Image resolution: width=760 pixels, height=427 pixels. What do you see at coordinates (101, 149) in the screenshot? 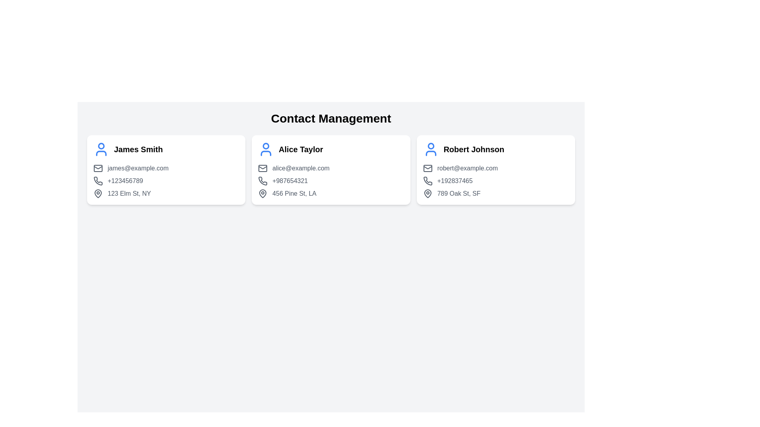
I see `the user icon shaped element with a blue color, representing a user, located within the contact card for 'James Smith', positioned to the left of the text content` at bounding box center [101, 149].